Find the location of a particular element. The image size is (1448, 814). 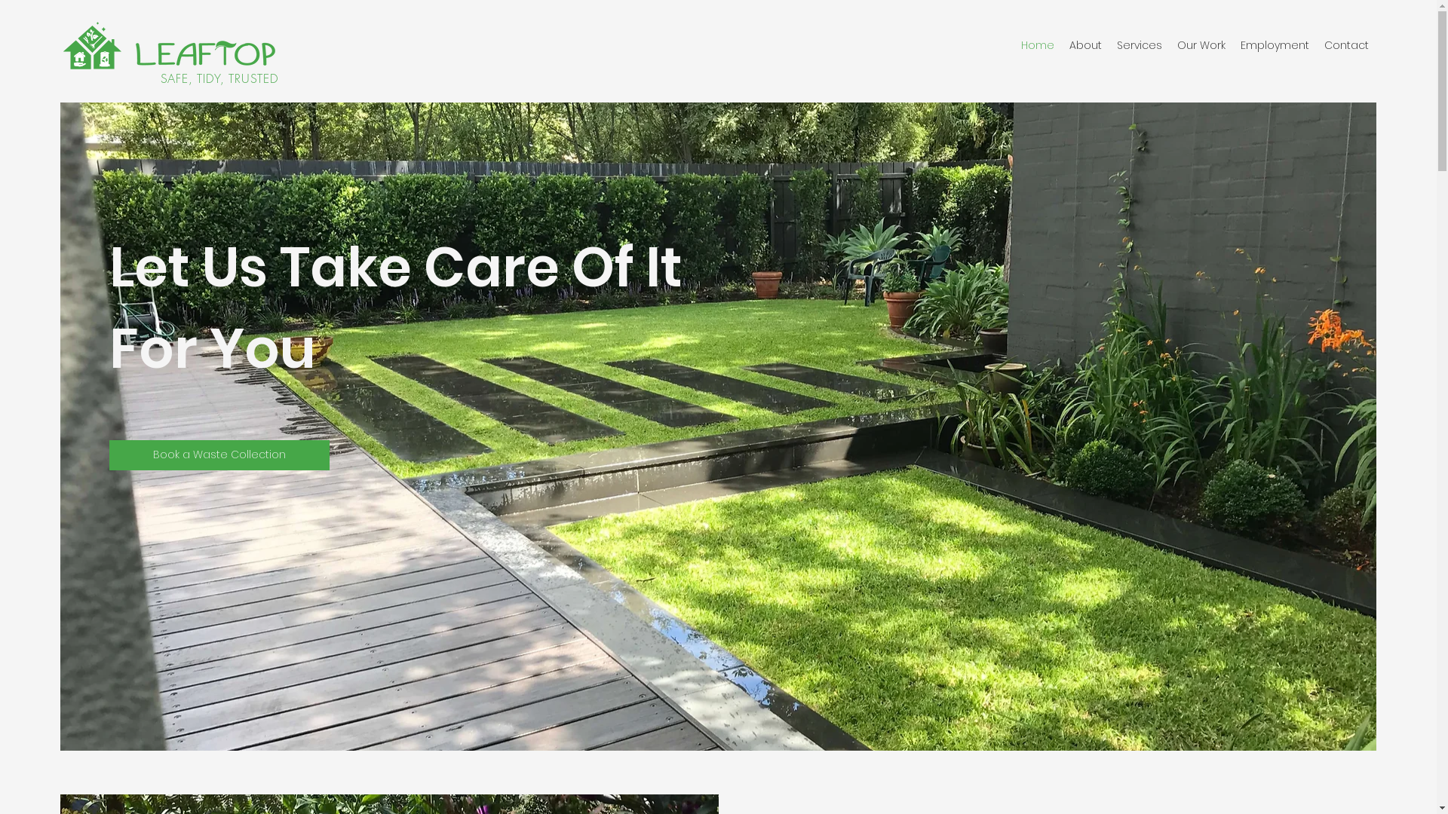

'Our Work' is located at coordinates (1201, 44).